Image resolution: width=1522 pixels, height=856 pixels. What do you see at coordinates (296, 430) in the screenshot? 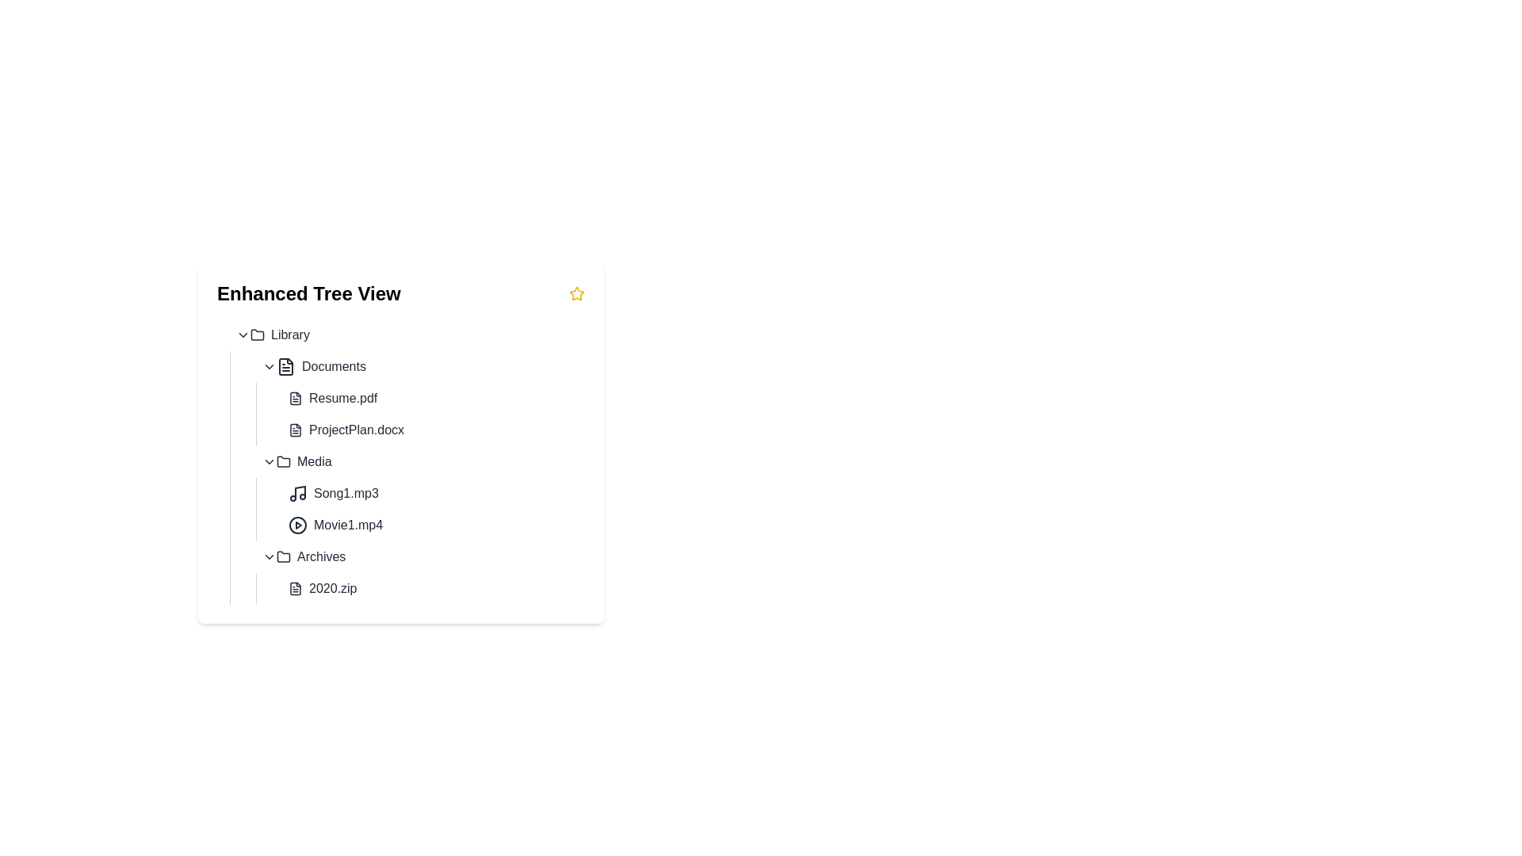
I see `the document file icon representing 'ProjectPlan.docx' in the 'Documents' section of the tree view interface` at bounding box center [296, 430].